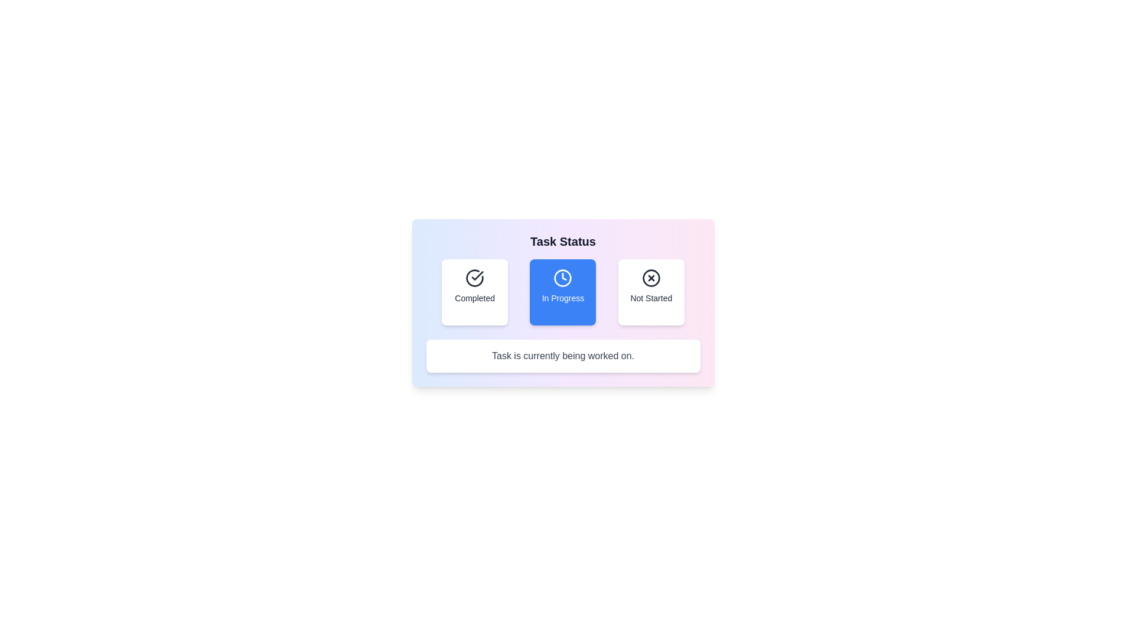  I want to click on the status button labeled Not Started, so click(650, 292).